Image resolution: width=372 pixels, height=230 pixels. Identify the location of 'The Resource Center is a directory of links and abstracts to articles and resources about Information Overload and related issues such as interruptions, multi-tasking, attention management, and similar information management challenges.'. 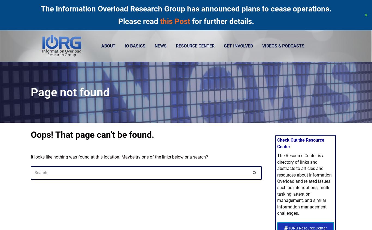
(277, 184).